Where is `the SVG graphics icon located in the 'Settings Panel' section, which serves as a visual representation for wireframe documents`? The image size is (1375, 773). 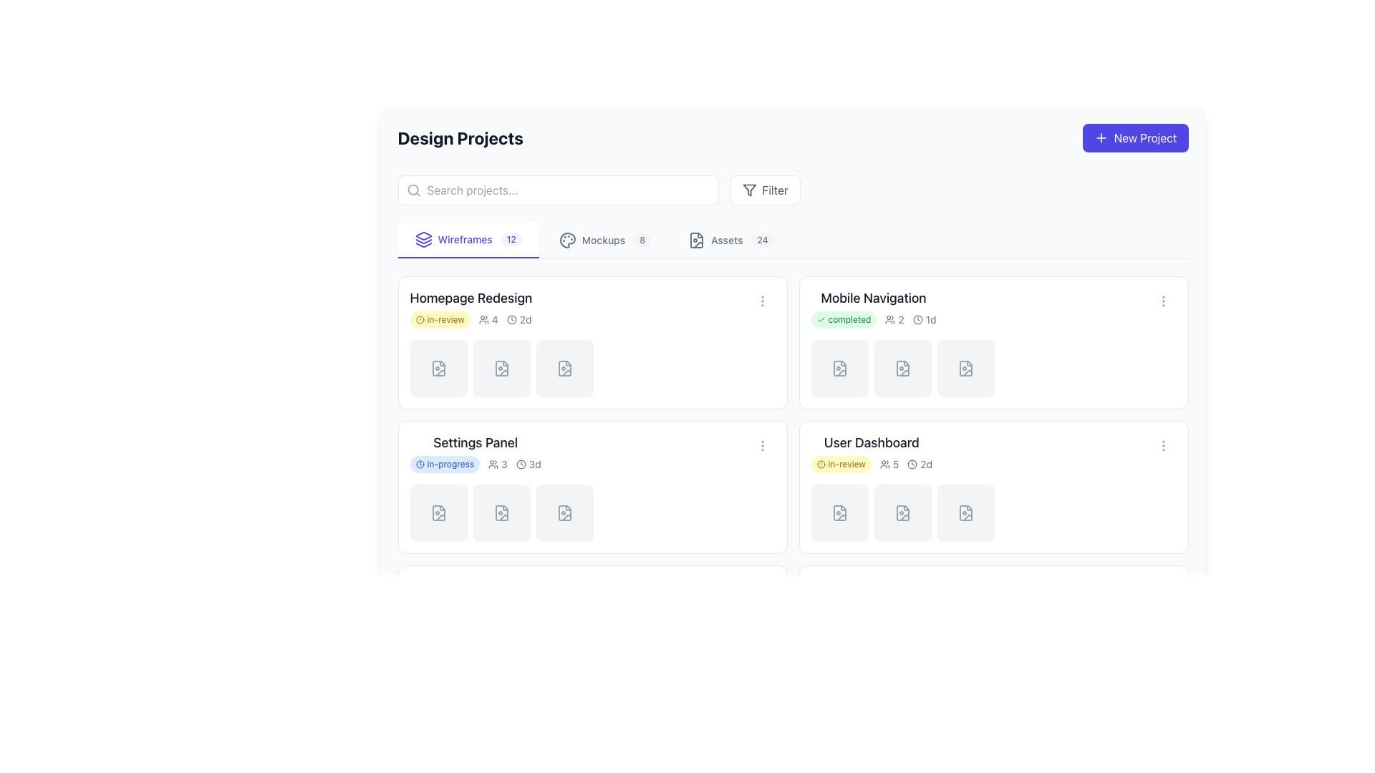
the SVG graphics icon located in the 'Settings Panel' section, which serves as a visual representation for wireframe documents is located at coordinates (564, 512).